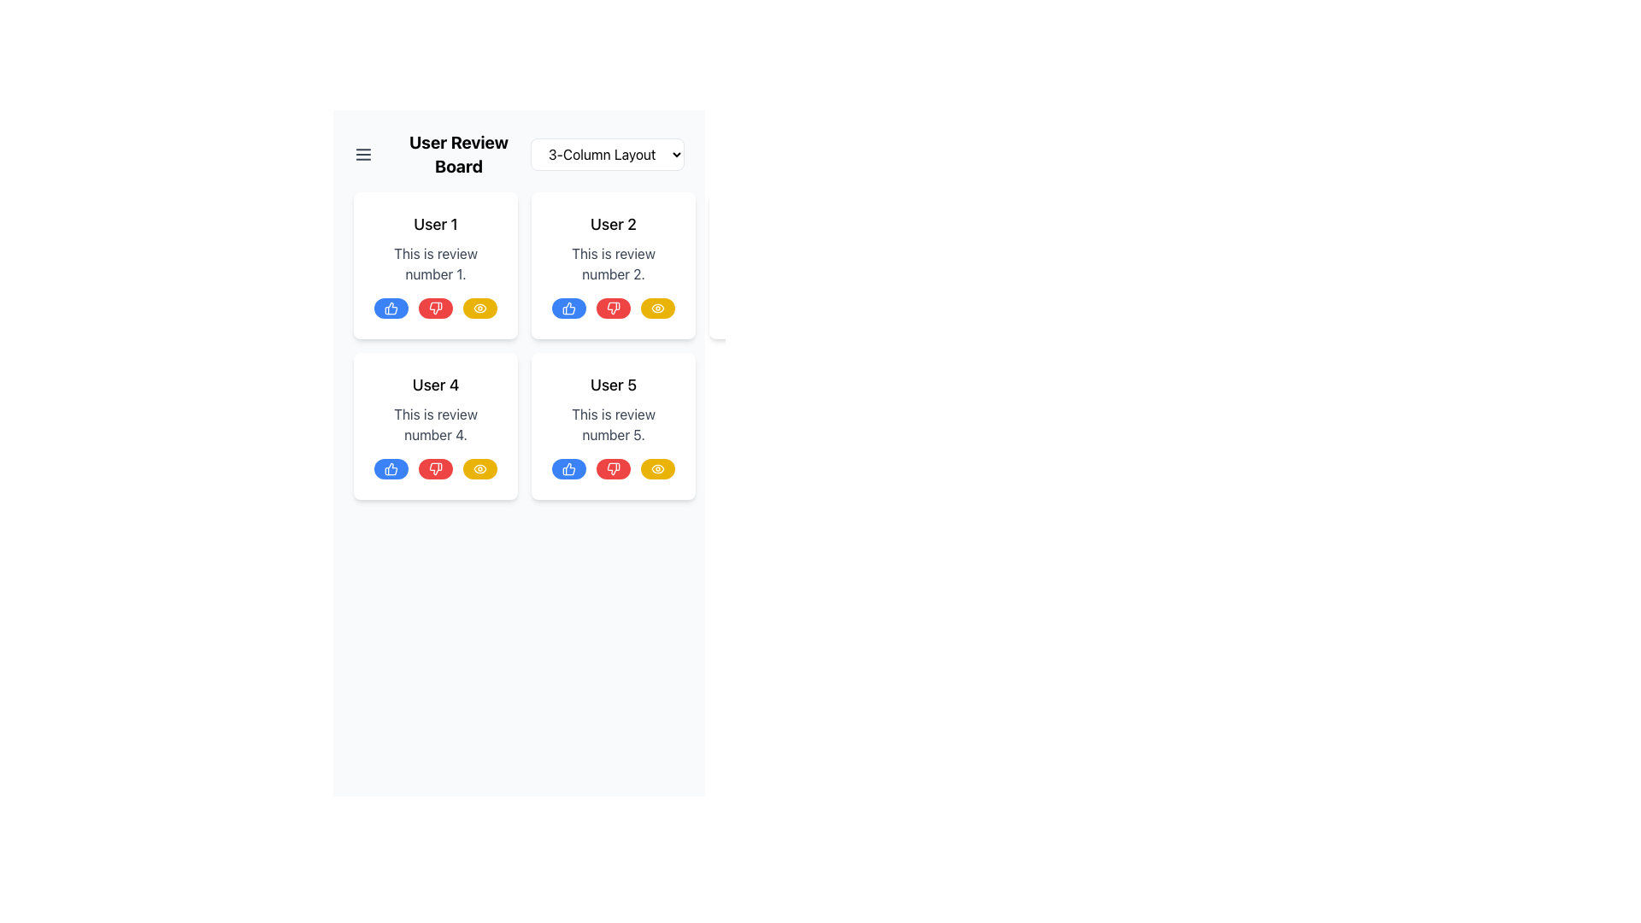  Describe the element at coordinates (569, 309) in the screenshot. I see `the blue circular icon button located at the bottom-left section of each user review card` at that location.